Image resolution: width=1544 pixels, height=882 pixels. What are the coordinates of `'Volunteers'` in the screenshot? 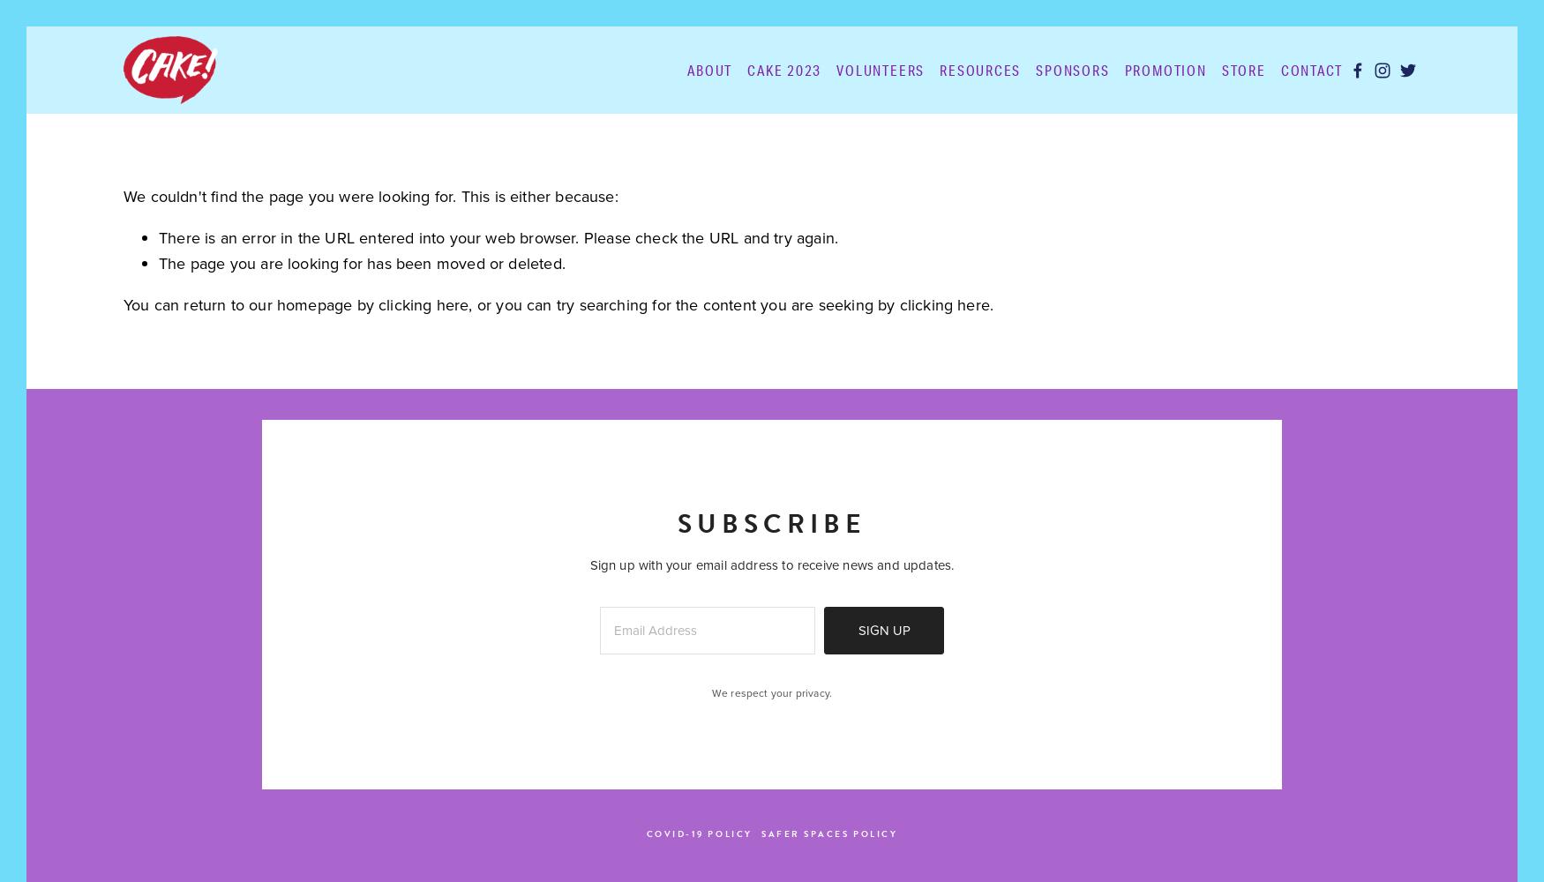 It's located at (881, 68).